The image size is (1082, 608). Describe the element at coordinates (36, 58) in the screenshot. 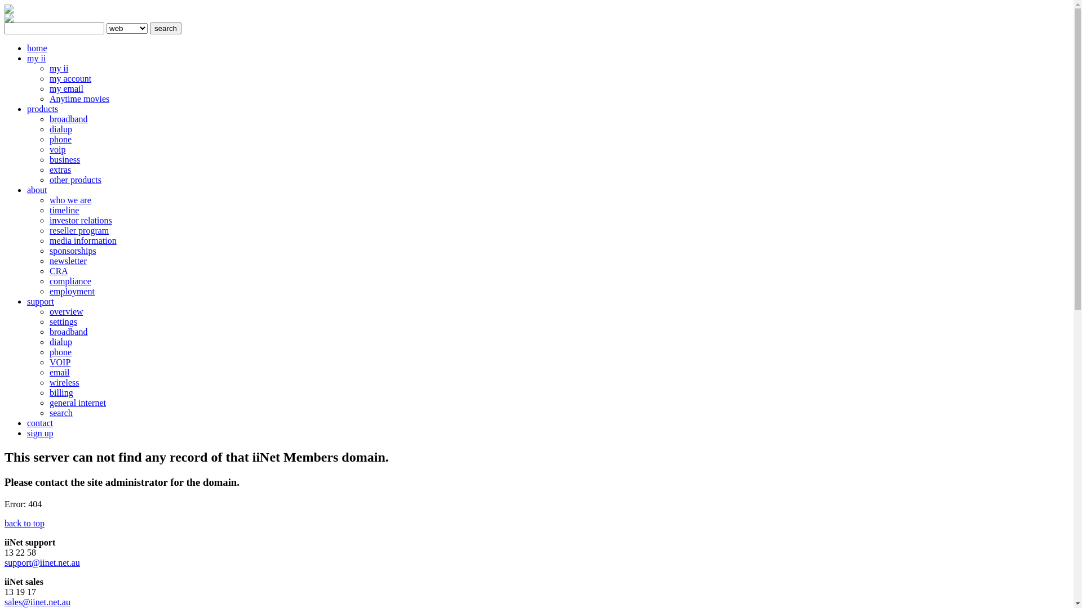

I see `'my ii'` at that location.